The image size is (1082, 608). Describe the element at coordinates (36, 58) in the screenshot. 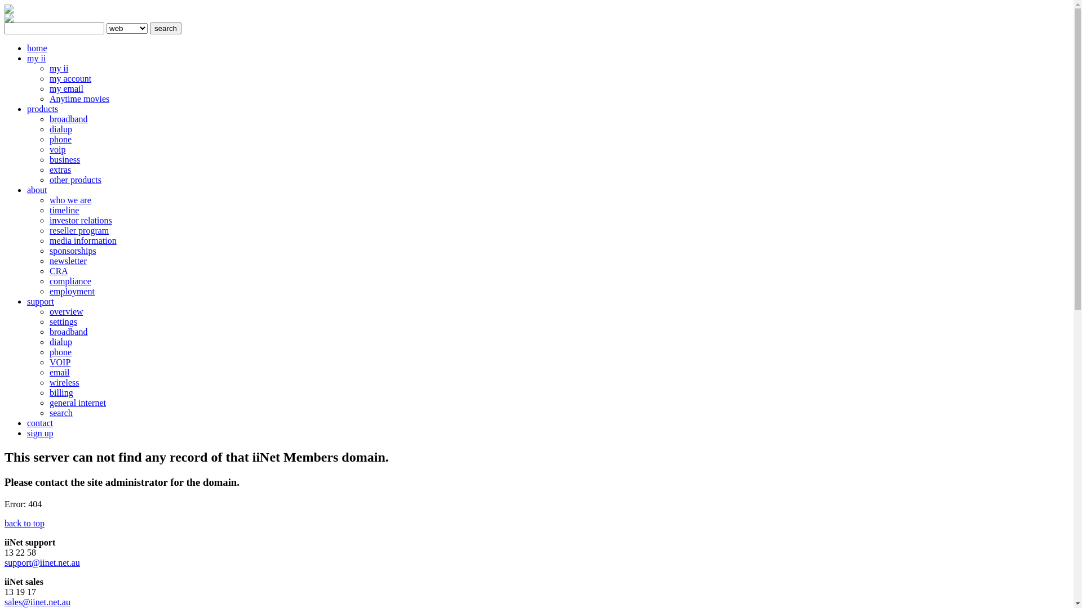

I see `'my ii'` at that location.